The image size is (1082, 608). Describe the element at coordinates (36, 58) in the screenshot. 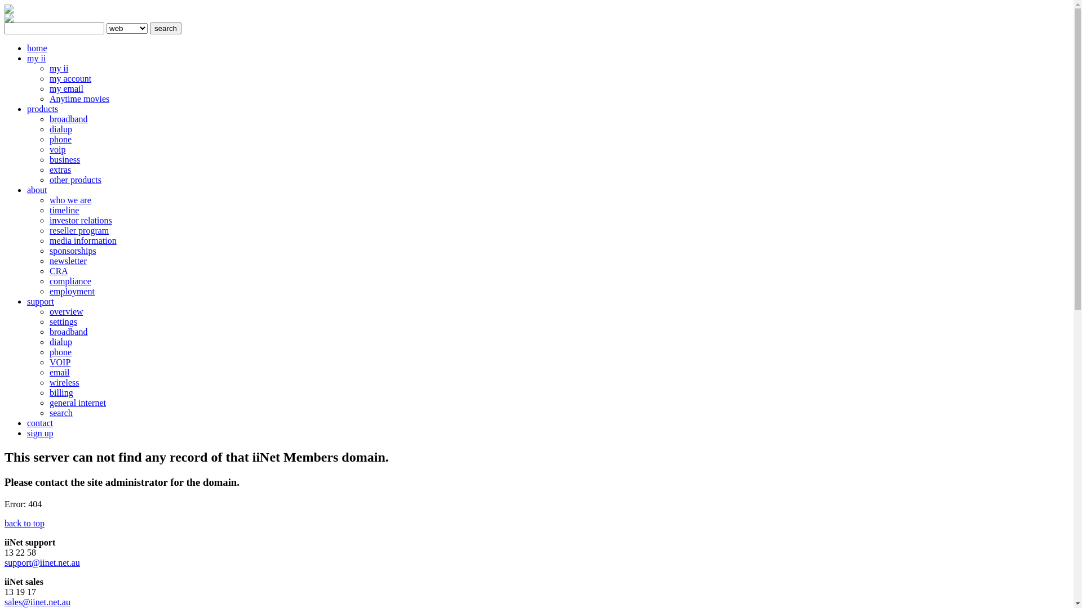

I see `'my ii'` at that location.